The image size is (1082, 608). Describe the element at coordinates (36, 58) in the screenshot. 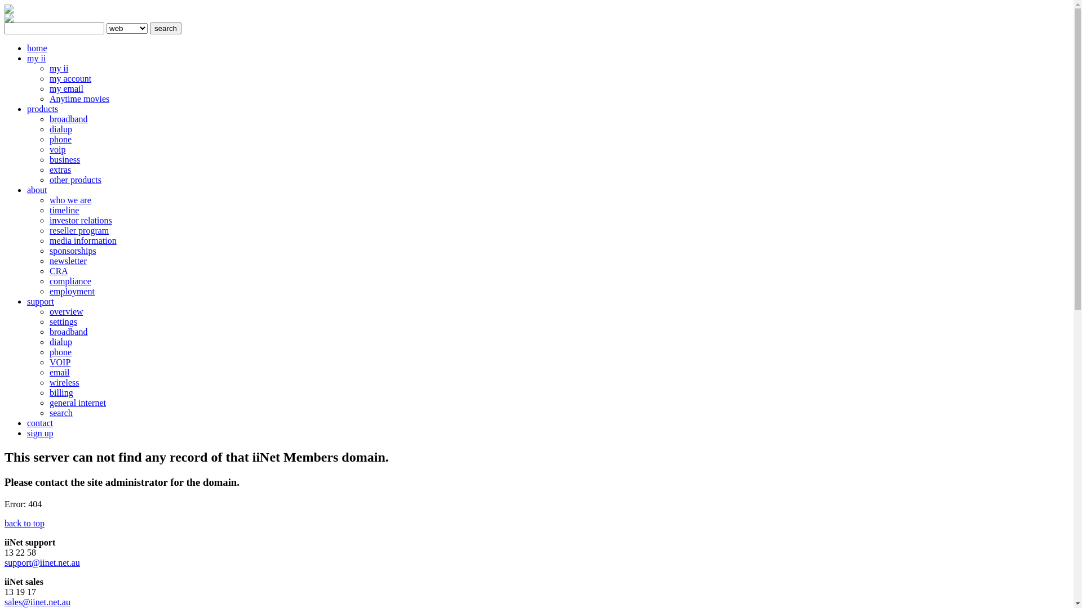

I see `'my ii'` at that location.